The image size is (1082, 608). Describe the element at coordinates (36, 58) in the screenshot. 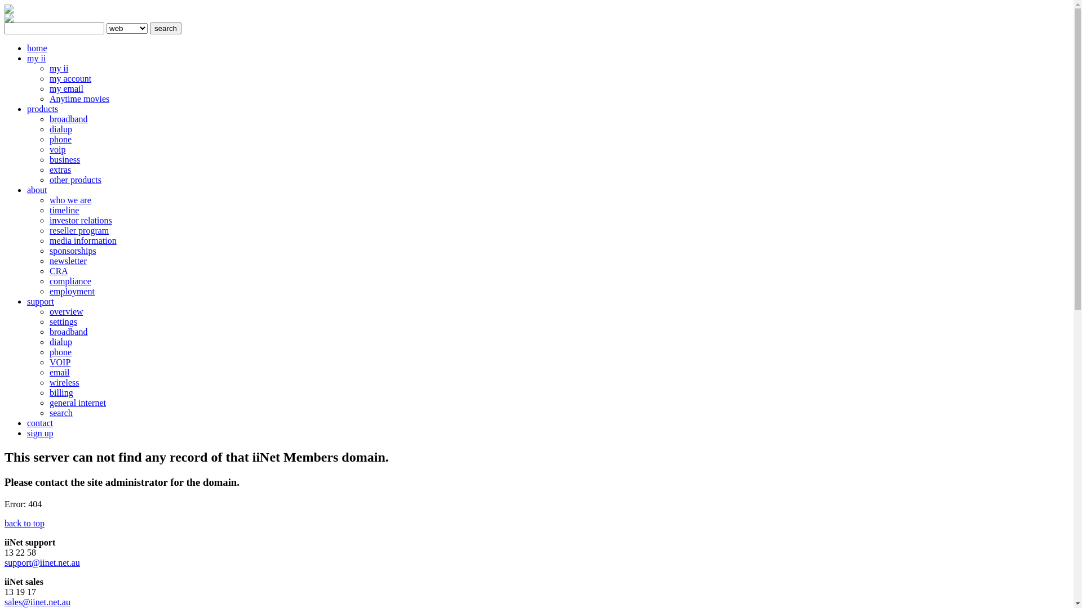

I see `'my ii'` at that location.